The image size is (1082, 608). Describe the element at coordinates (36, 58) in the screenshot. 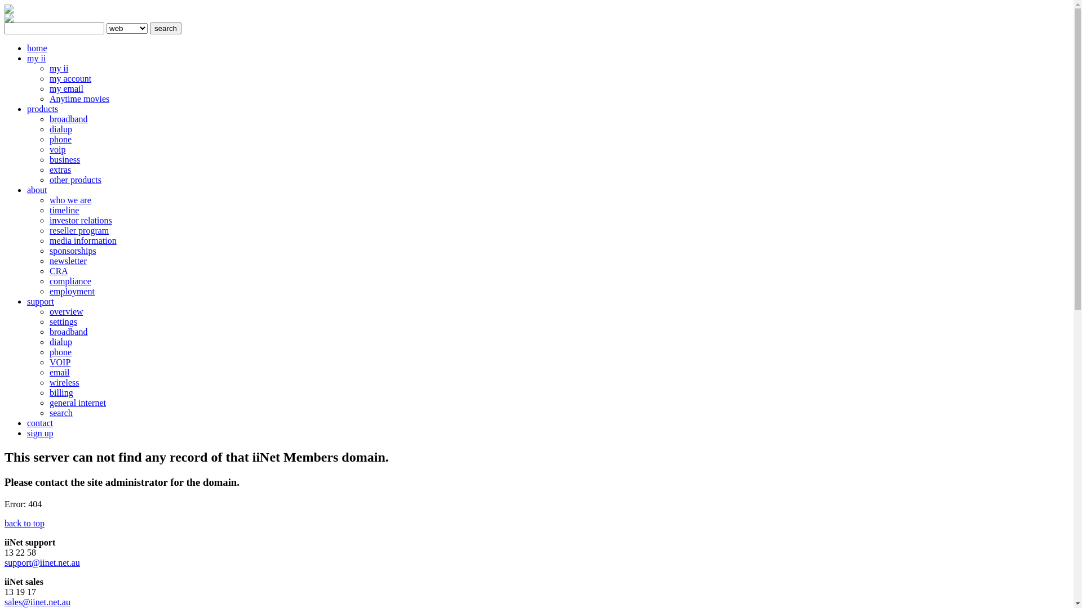

I see `'my ii'` at that location.